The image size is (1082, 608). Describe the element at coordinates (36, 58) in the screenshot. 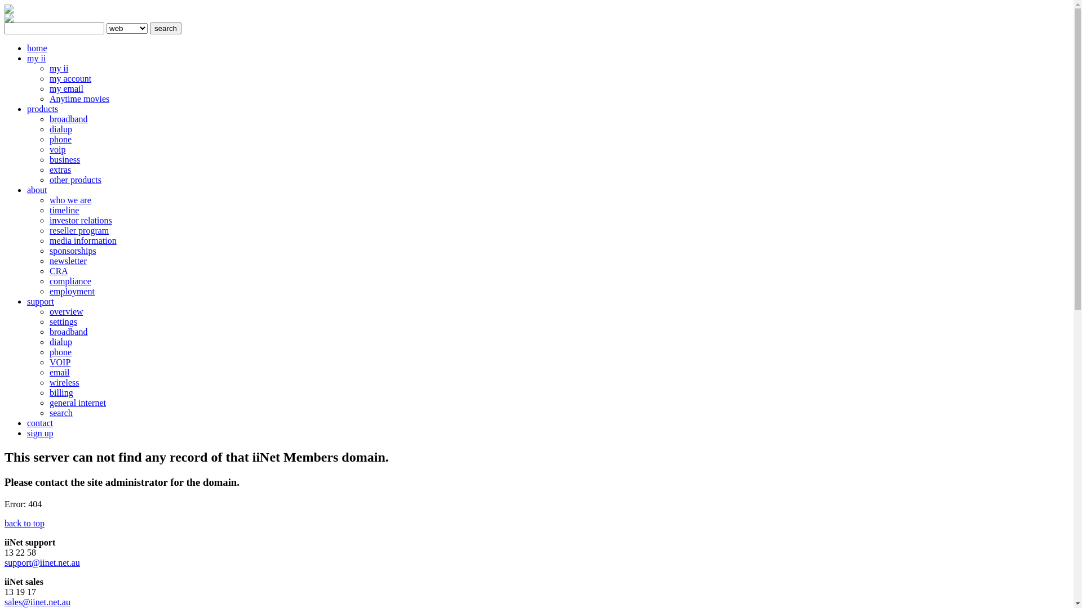

I see `'my ii'` at that location.